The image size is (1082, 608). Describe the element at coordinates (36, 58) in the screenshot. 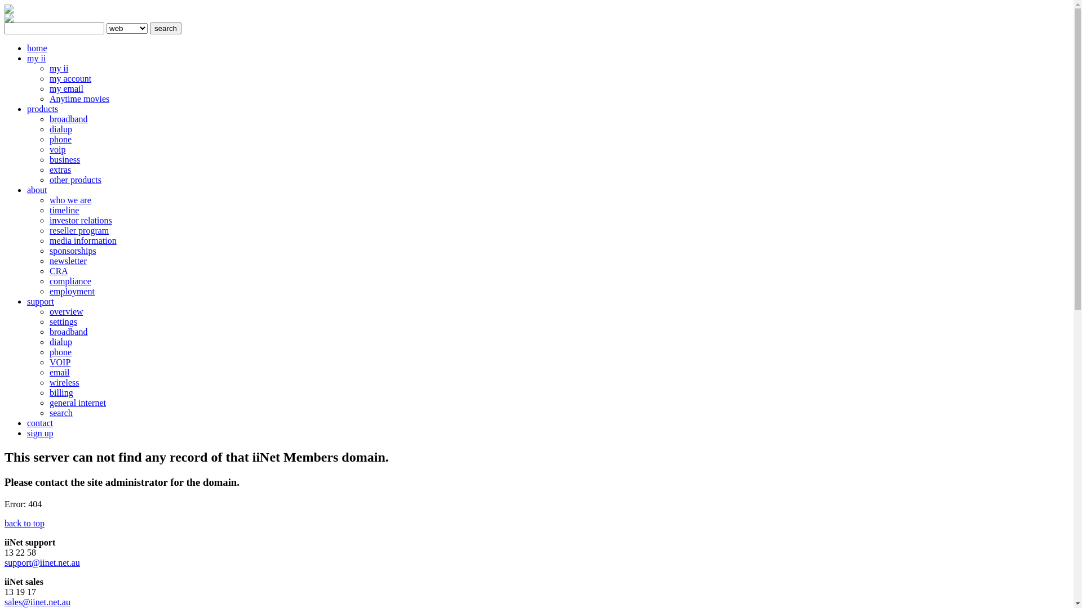

I see `'my ii'` at that location.